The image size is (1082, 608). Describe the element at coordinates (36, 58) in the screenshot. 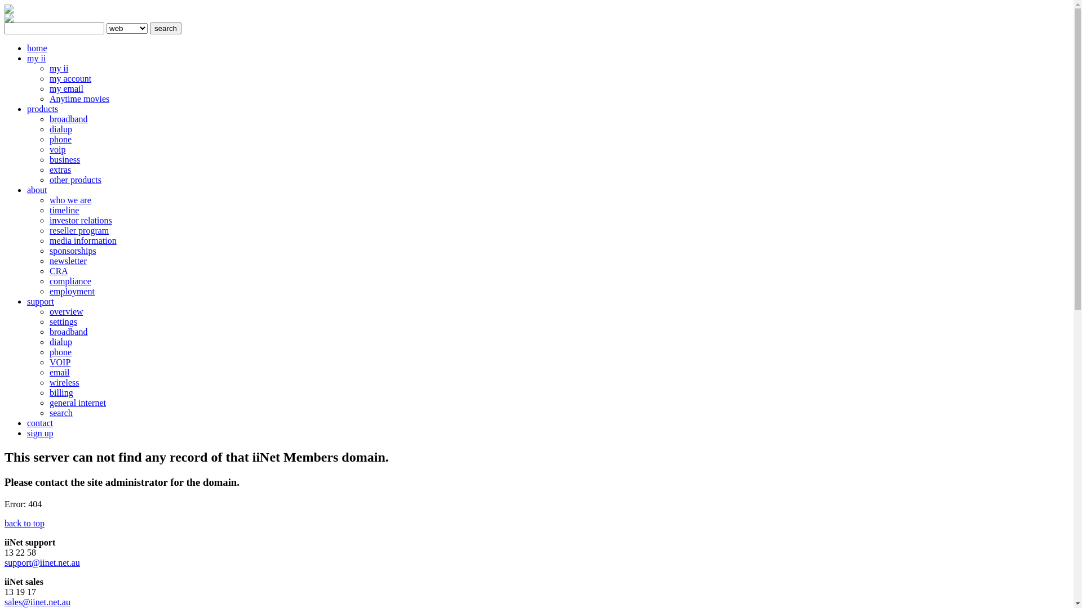

I see `'my ii'` at that location.